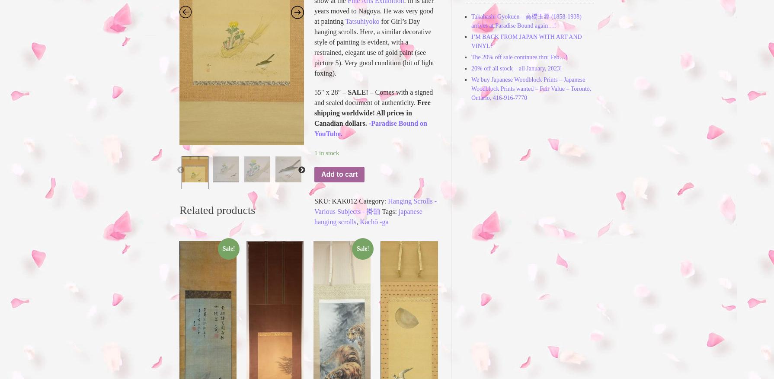 Image resolution: width=774 pixels, height=379 pixels. What do you see at coordinates (361, 21) in the screenshot?
I see `'Tatsuhiyoko'` at bounding box center [361, 21].